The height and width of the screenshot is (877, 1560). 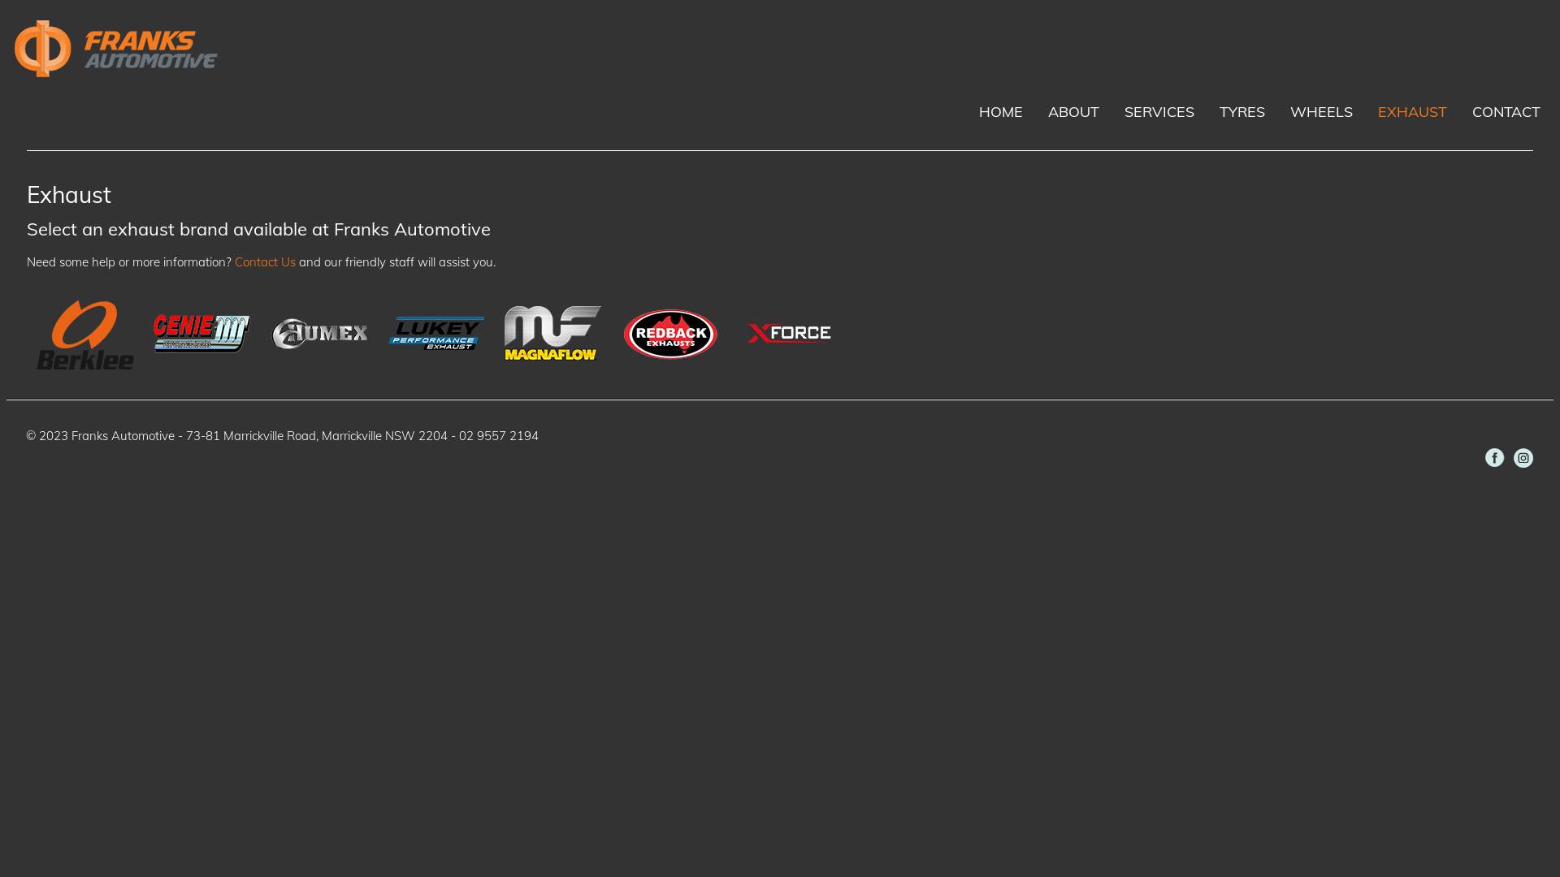 I want to click on 'Contact Us', so click(x=233, y=261).